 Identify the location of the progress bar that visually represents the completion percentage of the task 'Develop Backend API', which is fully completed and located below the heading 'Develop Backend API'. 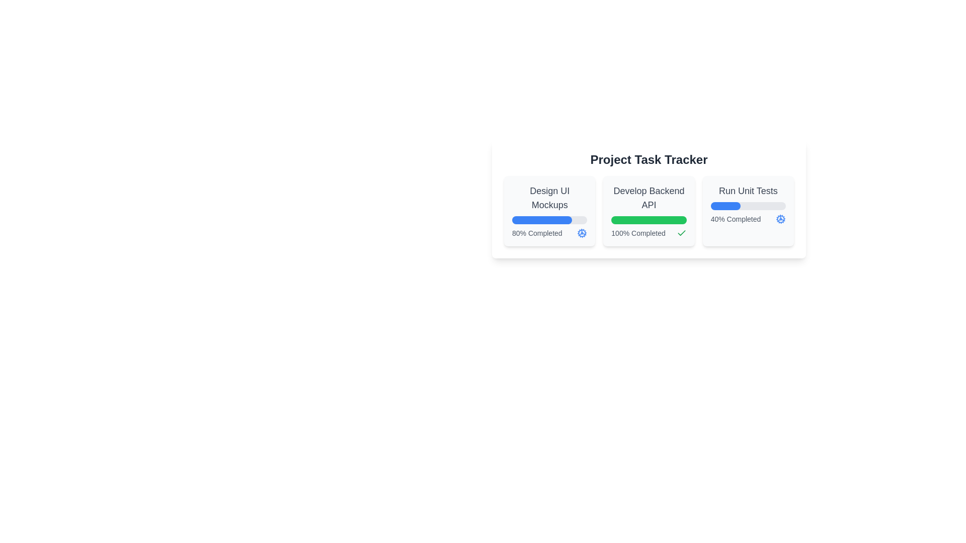
(649, 220).